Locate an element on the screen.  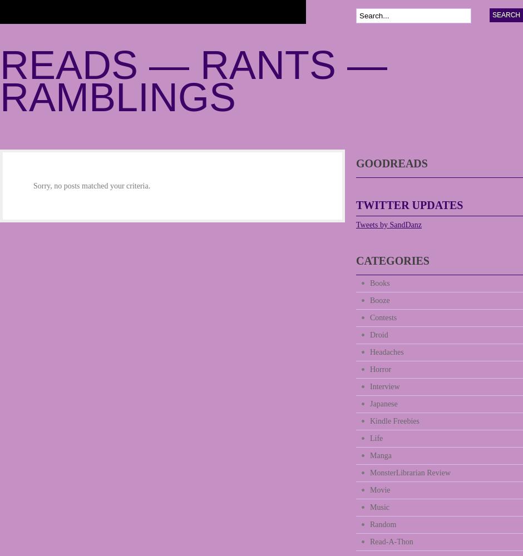
'Read-A-Thon' is located at coordinates (391, 541).